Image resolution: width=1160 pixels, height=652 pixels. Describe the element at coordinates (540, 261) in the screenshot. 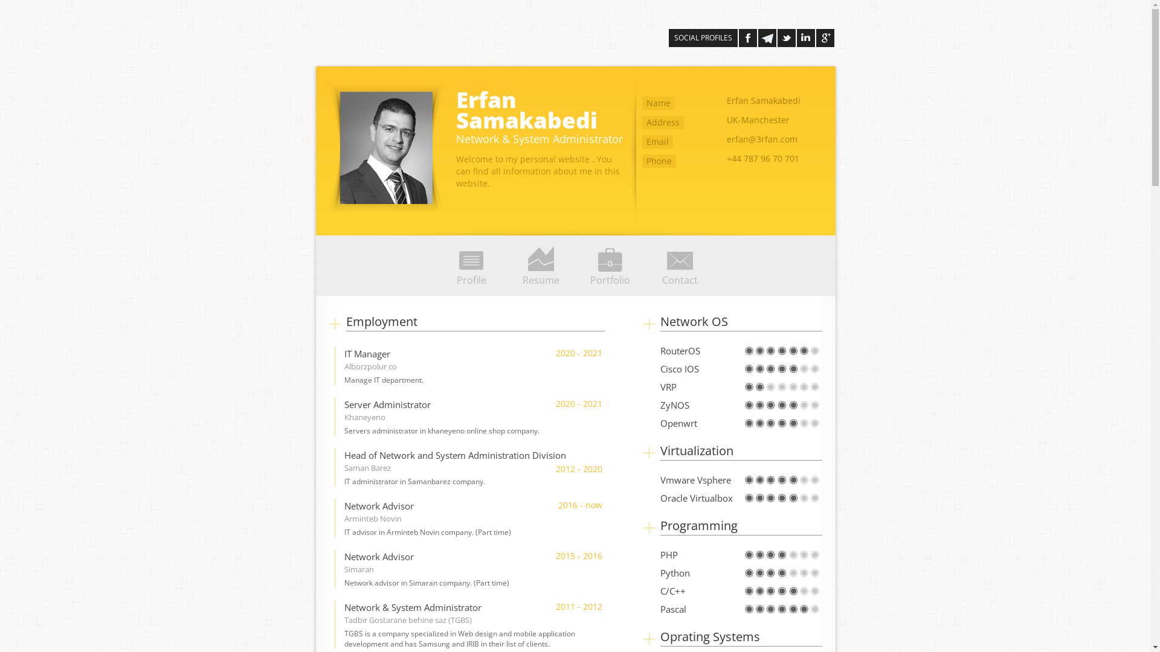

I see `'Resume'` at that location.